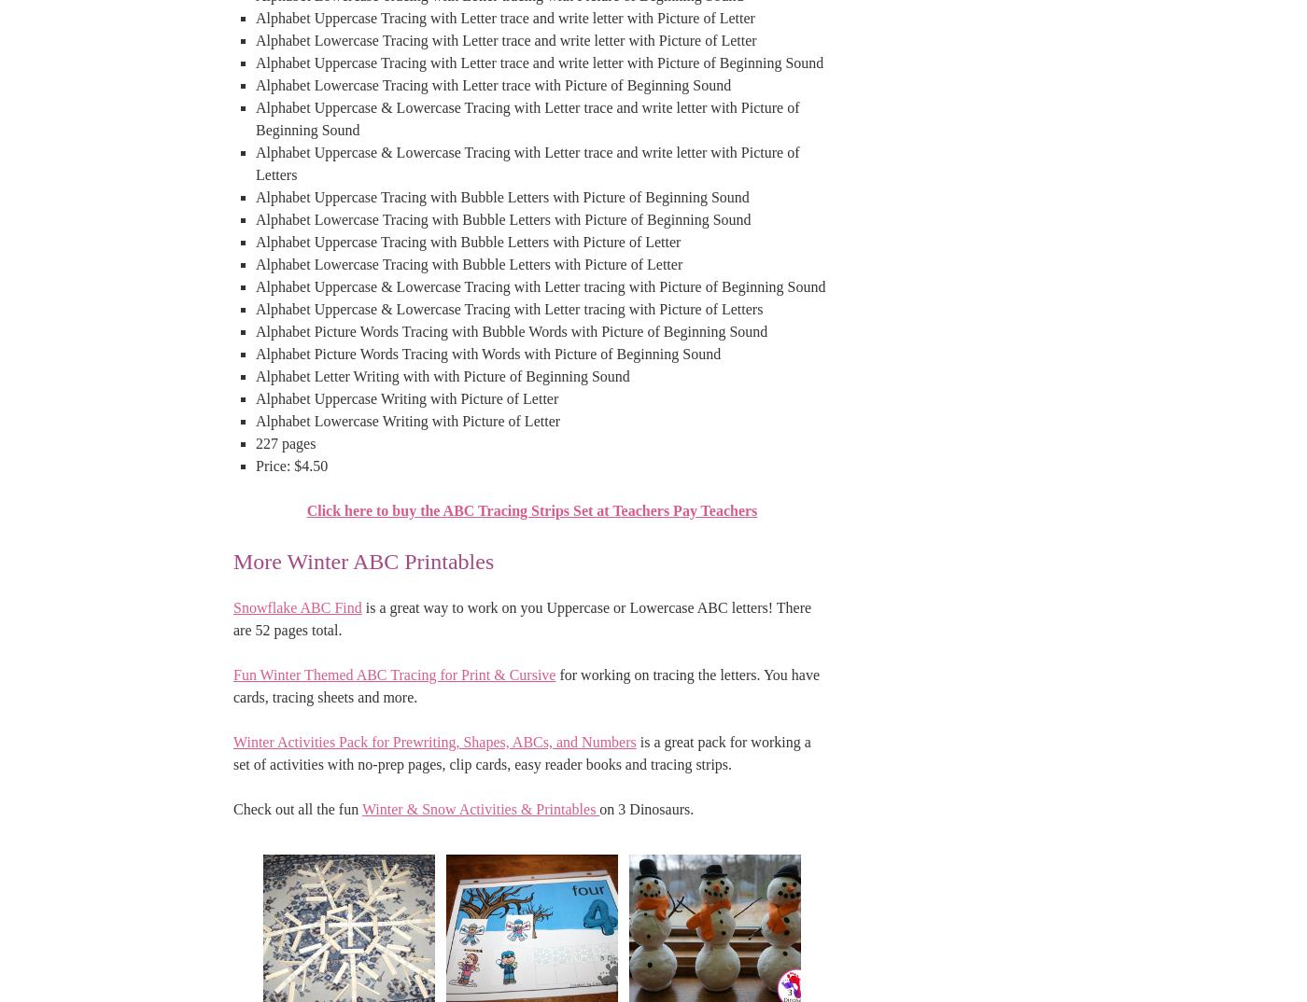 This screenshot has width=1307, height=1002. I want to click on 'Alphabet Lowercase Tracing with Bubble Letters with Picture of Letter', so click(469, 263).